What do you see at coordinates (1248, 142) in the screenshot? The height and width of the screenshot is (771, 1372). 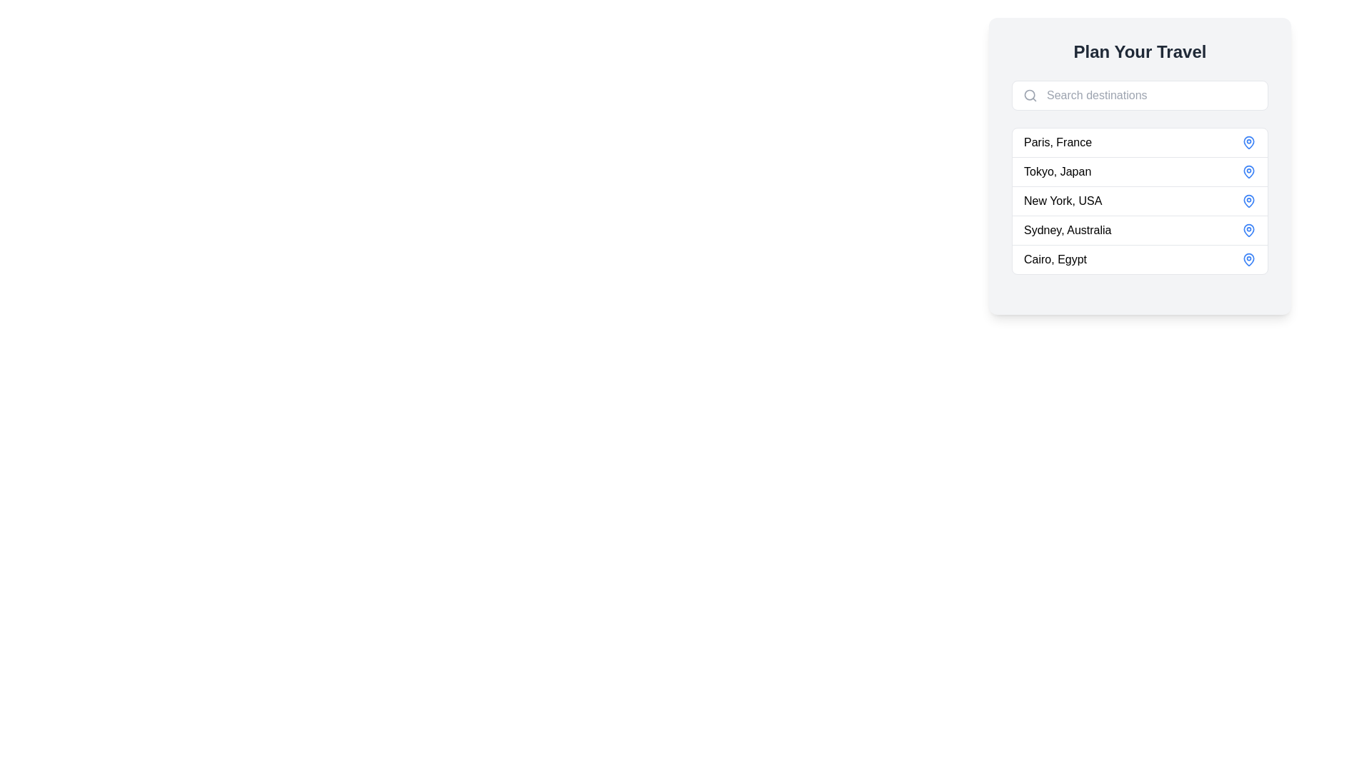 I see `the blue pin icon associated with 'Paris, France' in the first list item` at bounding box center [1248, 142].